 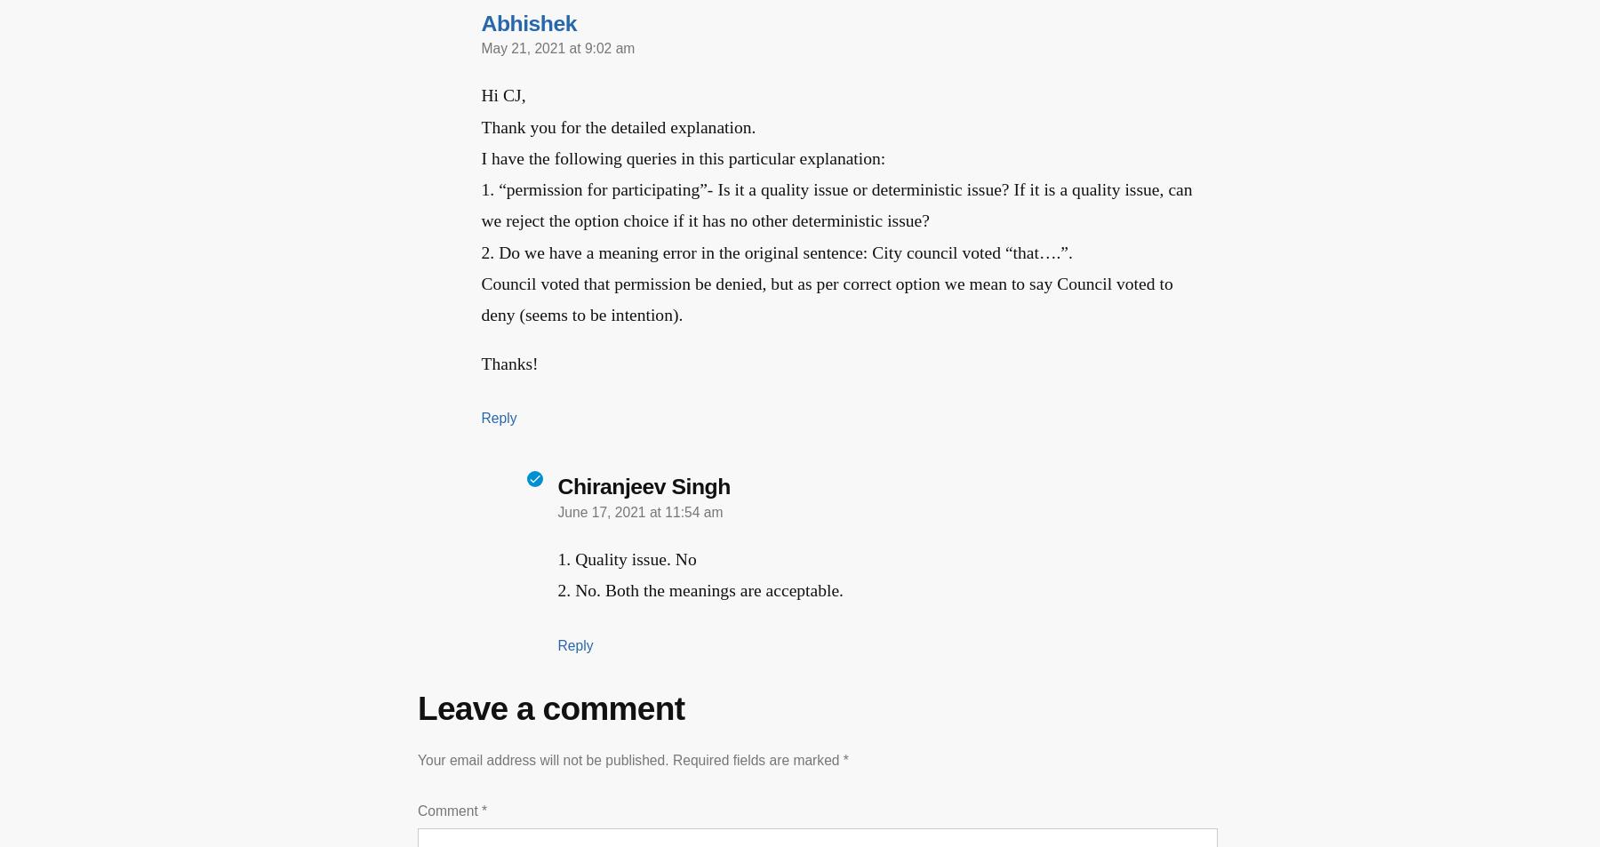 I want to click on 'Abhishek', so click(x=480, y=20).